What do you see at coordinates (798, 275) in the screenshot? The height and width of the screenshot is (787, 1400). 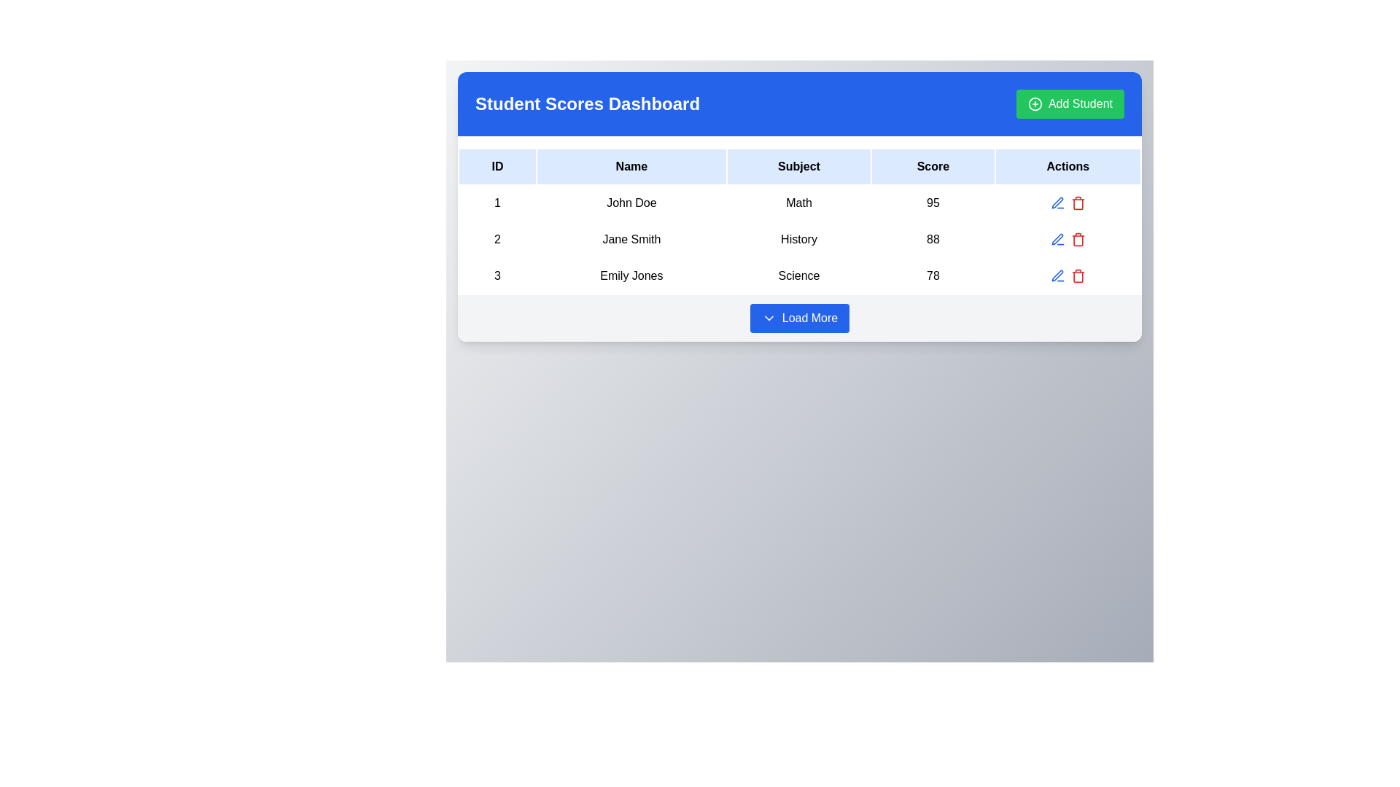 I see `the table cell representing the subject associated with the student 'Emily Jones' located in the third row under the 'Subject' column` at bounding box center [798, 275].